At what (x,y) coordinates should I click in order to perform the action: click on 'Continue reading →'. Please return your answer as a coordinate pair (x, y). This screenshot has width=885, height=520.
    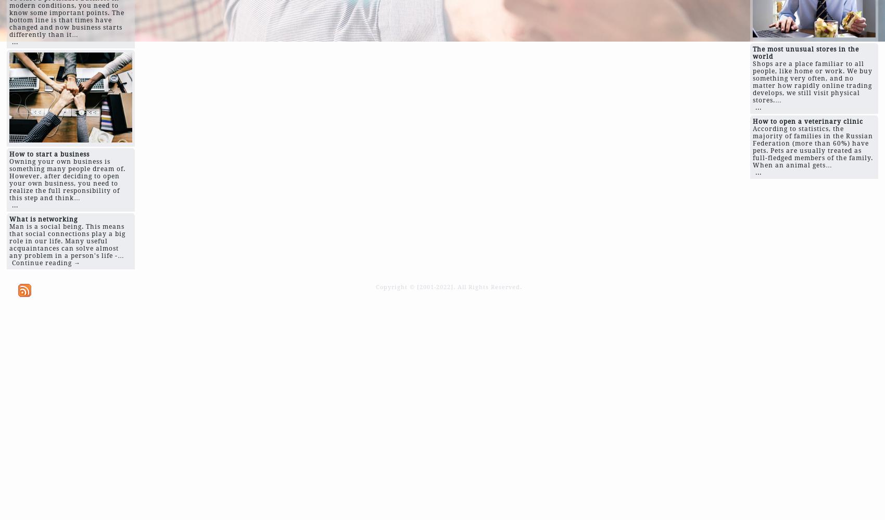
    Looking at the image, I should click on (11, 263).